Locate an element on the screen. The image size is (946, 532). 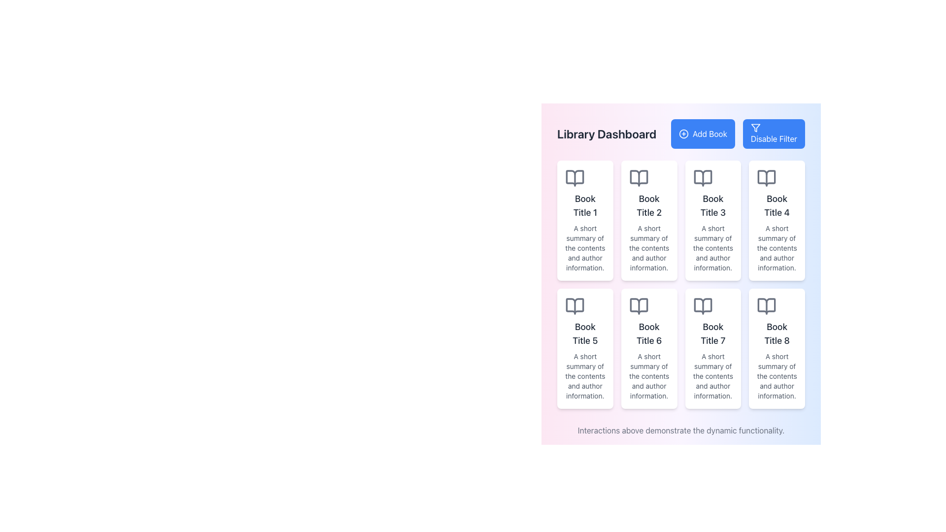
the decorative book icon located in the header section of the card labeled 'Book Title 6' on the library dashboard is located at coordinates (639, 305).